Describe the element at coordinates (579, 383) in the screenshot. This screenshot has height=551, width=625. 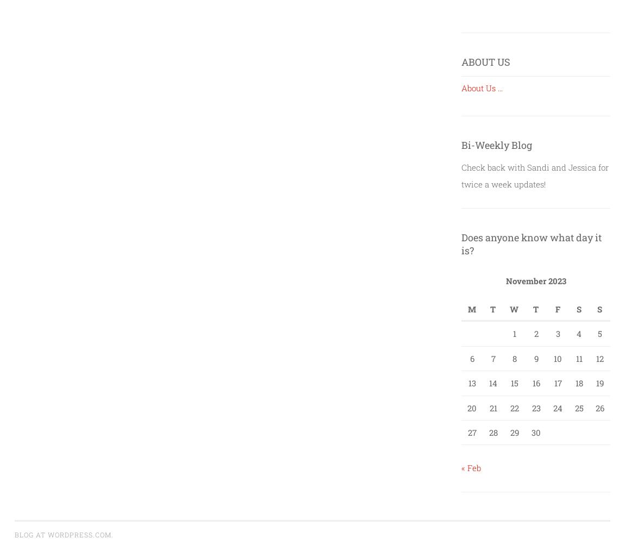
I see `'18'` at that location.